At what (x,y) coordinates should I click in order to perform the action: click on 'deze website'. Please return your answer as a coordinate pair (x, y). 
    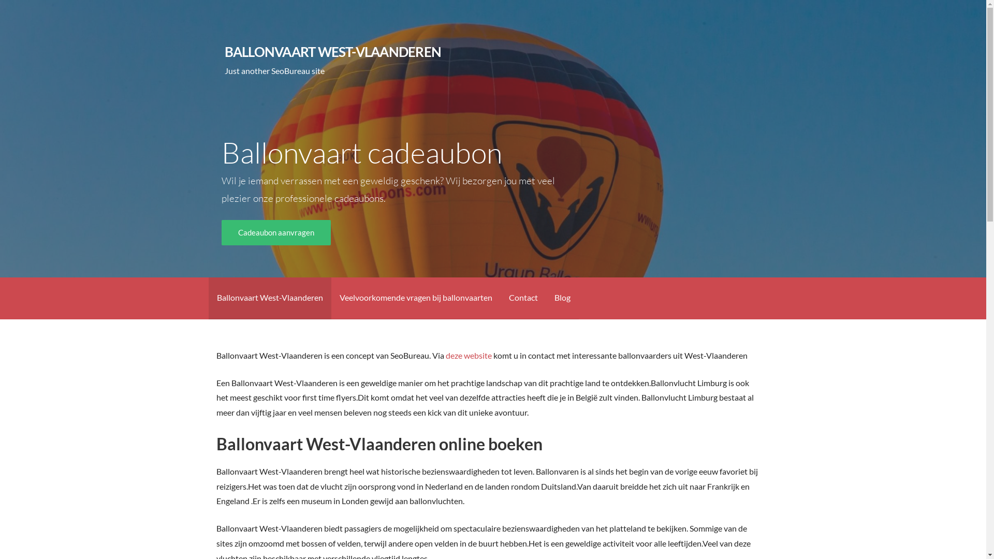
    Looking at the image, I should click on (468, 355).